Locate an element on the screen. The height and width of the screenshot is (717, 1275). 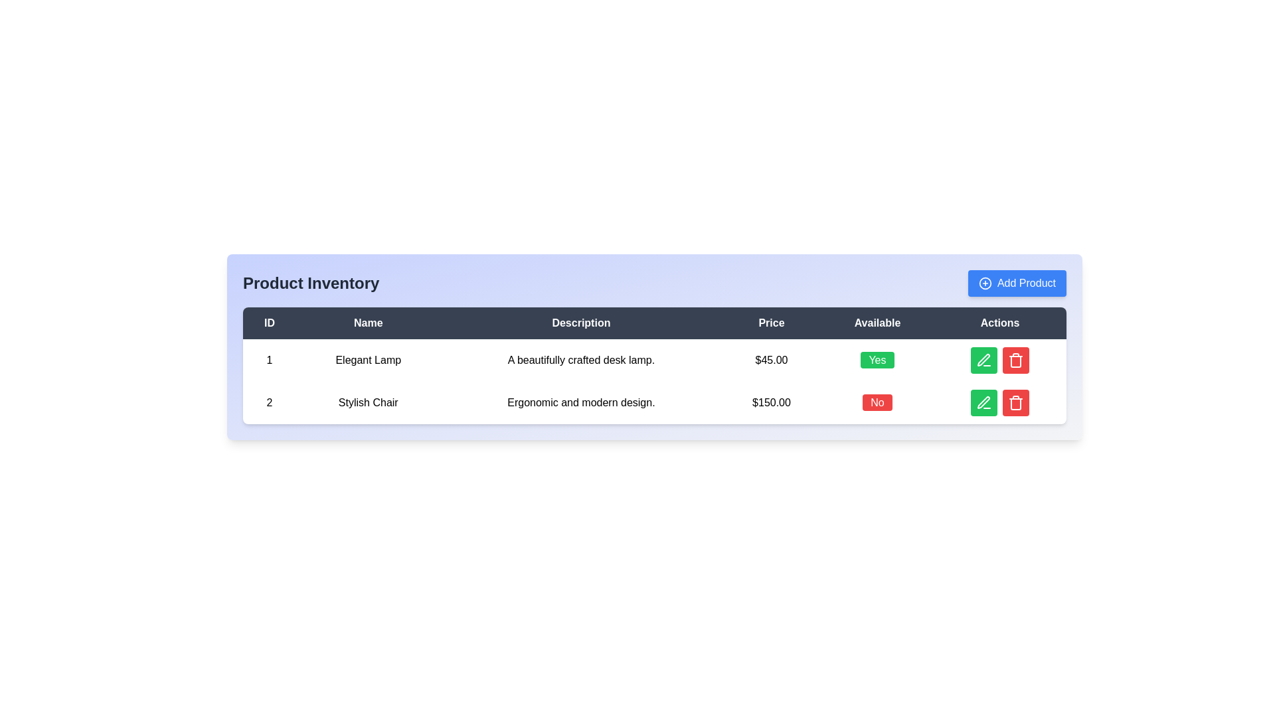
the 'ID' text label located in the header row of the table, which is the first column label with a dark background and white text is located at coordinates (268, 323).